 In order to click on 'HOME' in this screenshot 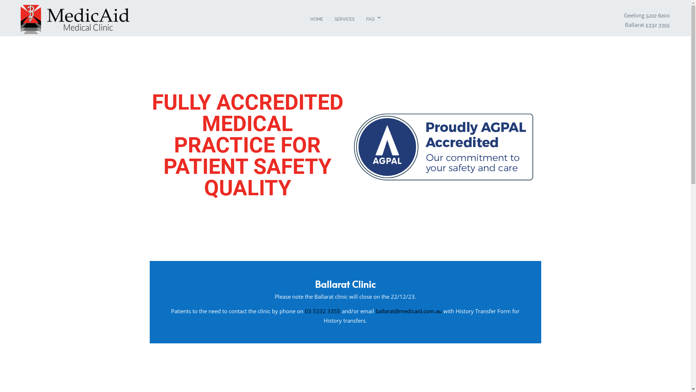, I will do `click(316, 19)`.